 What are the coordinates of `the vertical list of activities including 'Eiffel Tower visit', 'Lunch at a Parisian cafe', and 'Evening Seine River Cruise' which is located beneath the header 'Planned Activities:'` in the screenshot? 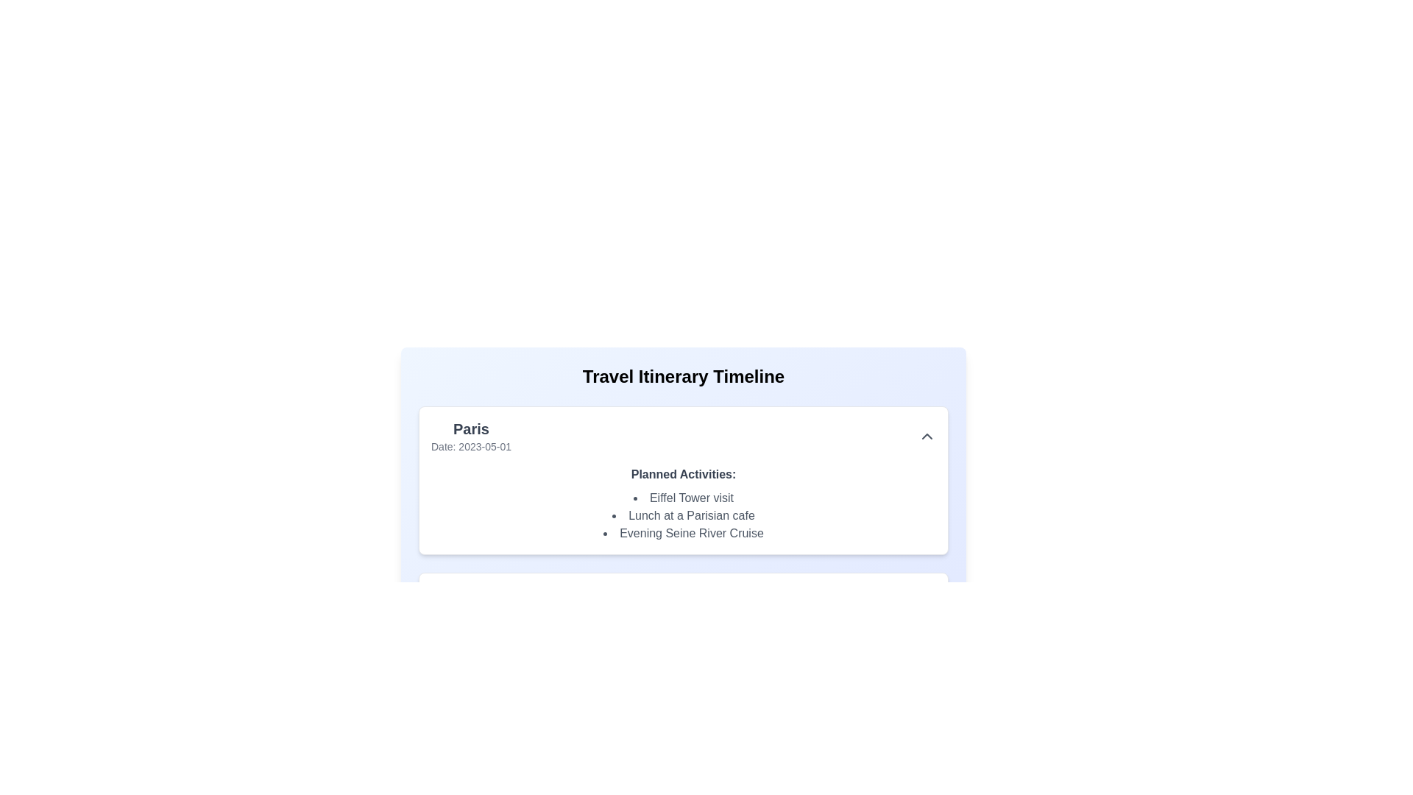 It's located at (683, 515).